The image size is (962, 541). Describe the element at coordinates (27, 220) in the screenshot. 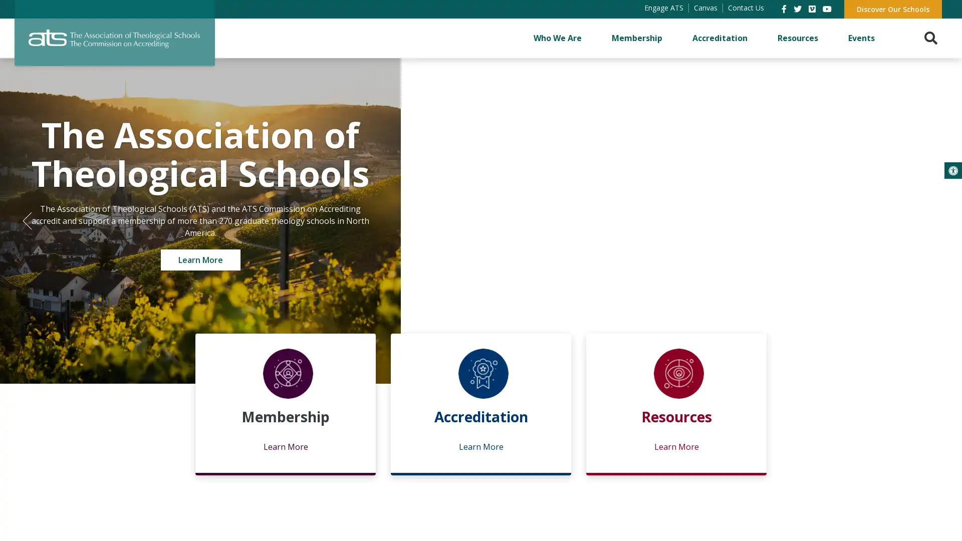

I see `Previous` at that location.